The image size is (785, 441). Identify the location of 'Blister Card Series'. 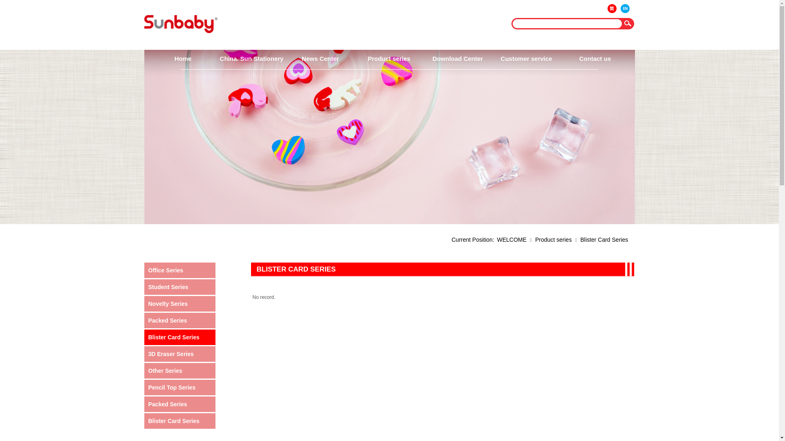
(180, 337).